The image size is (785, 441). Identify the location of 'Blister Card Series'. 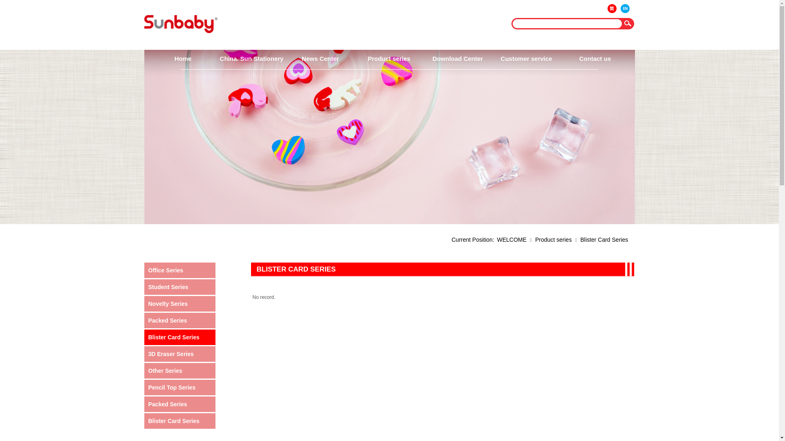
(180, 337).